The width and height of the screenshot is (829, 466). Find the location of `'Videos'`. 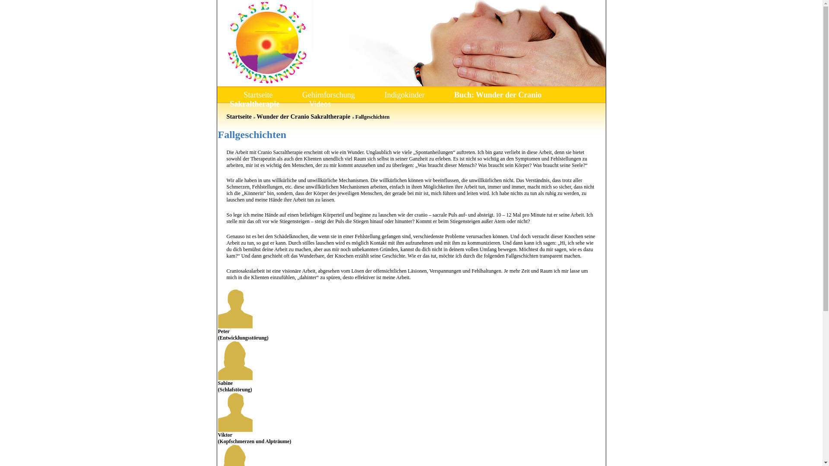

'Videos' is located at coordinates (319, 103).